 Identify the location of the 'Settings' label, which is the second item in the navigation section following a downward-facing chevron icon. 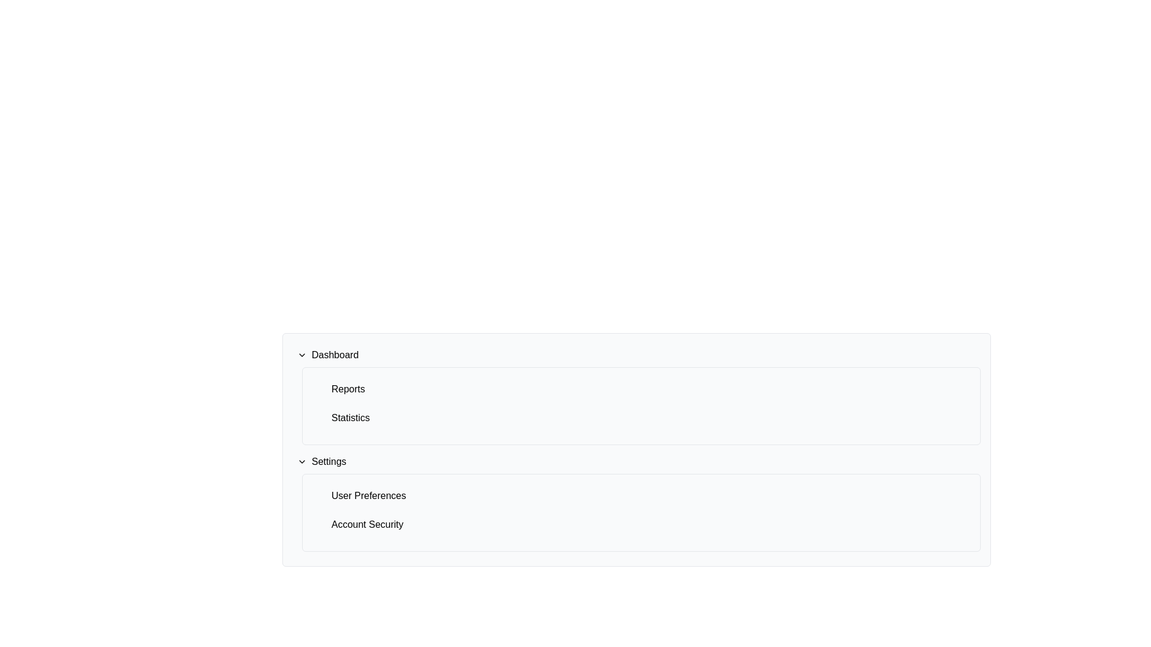
(329, 461).